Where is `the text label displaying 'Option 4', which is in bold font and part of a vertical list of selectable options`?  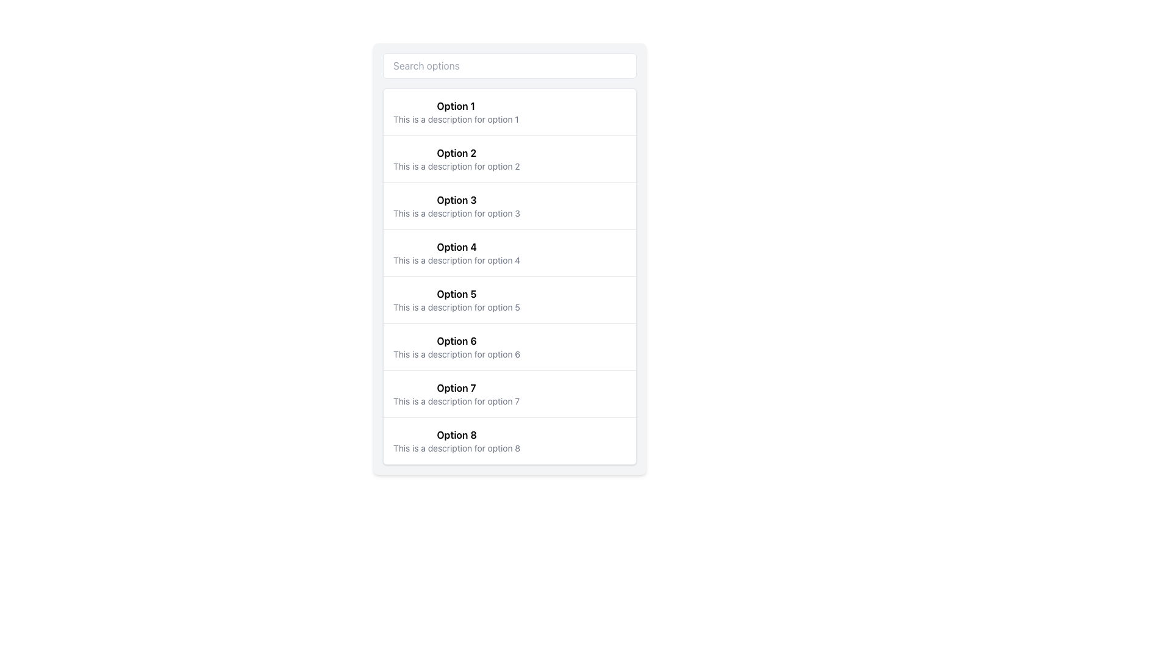
the text label displaying 'Option 4', which is in bold font and part of a vertical list of selectable options is located at coordinates (456, 247).